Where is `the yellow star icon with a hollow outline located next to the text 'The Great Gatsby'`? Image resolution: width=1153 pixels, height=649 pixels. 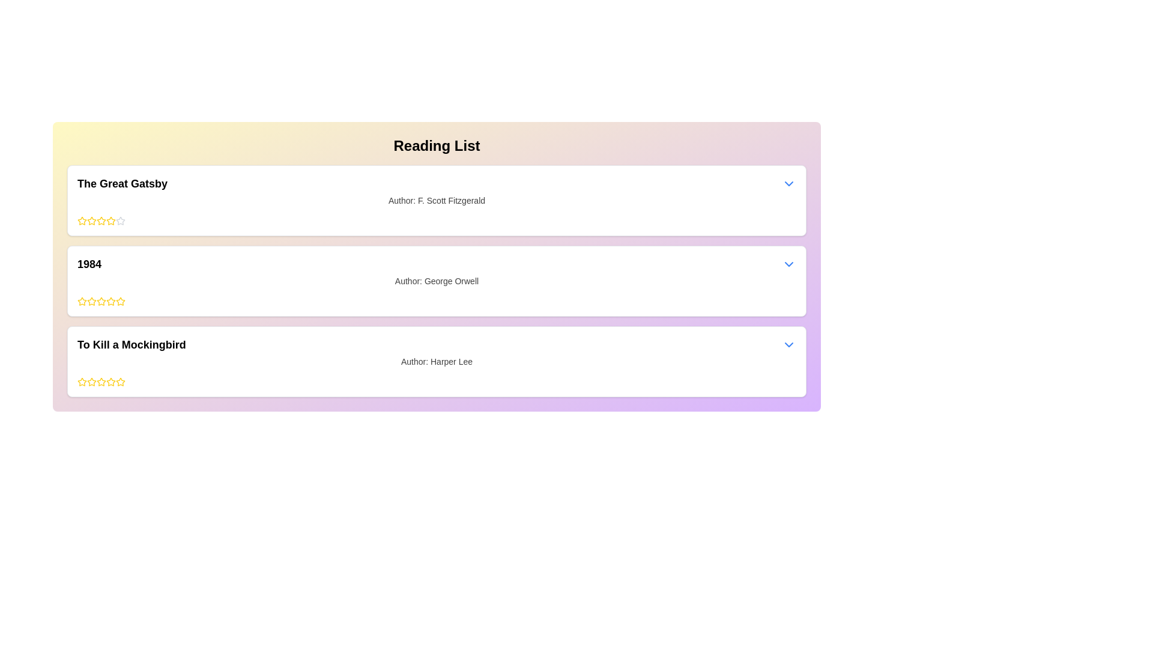 the yellow star icon with a hollow outline located next to the text 'The Great Gatsby' is located at coordinates (91, 220).